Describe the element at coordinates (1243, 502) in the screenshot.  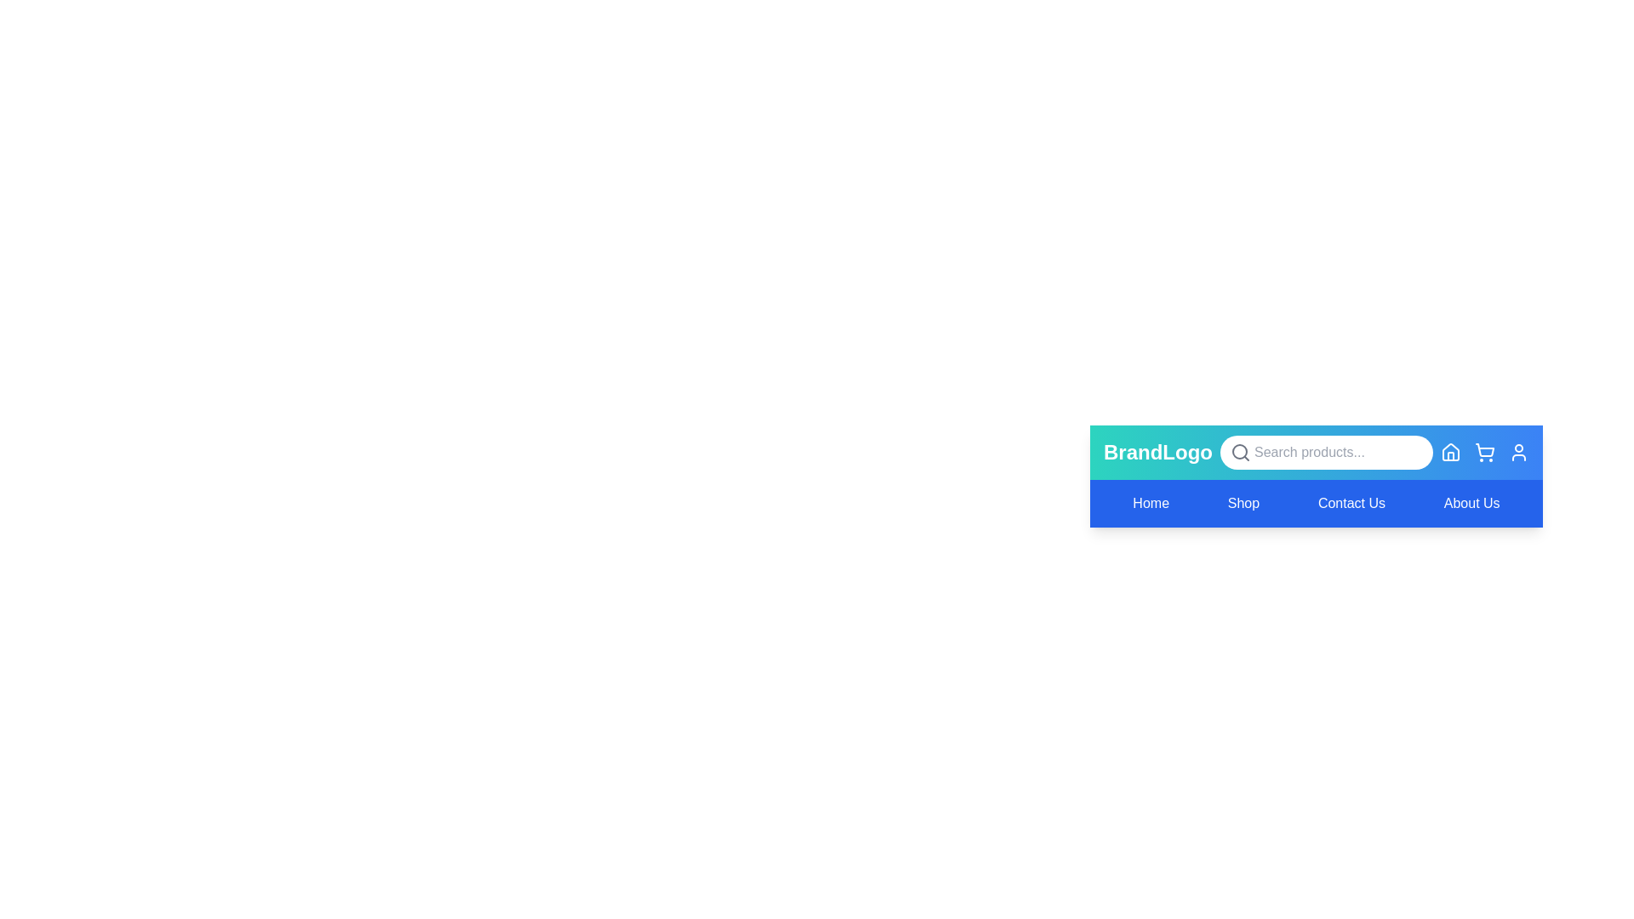
I see `the menu item labeled Shop to observe its hover effect` at that location.